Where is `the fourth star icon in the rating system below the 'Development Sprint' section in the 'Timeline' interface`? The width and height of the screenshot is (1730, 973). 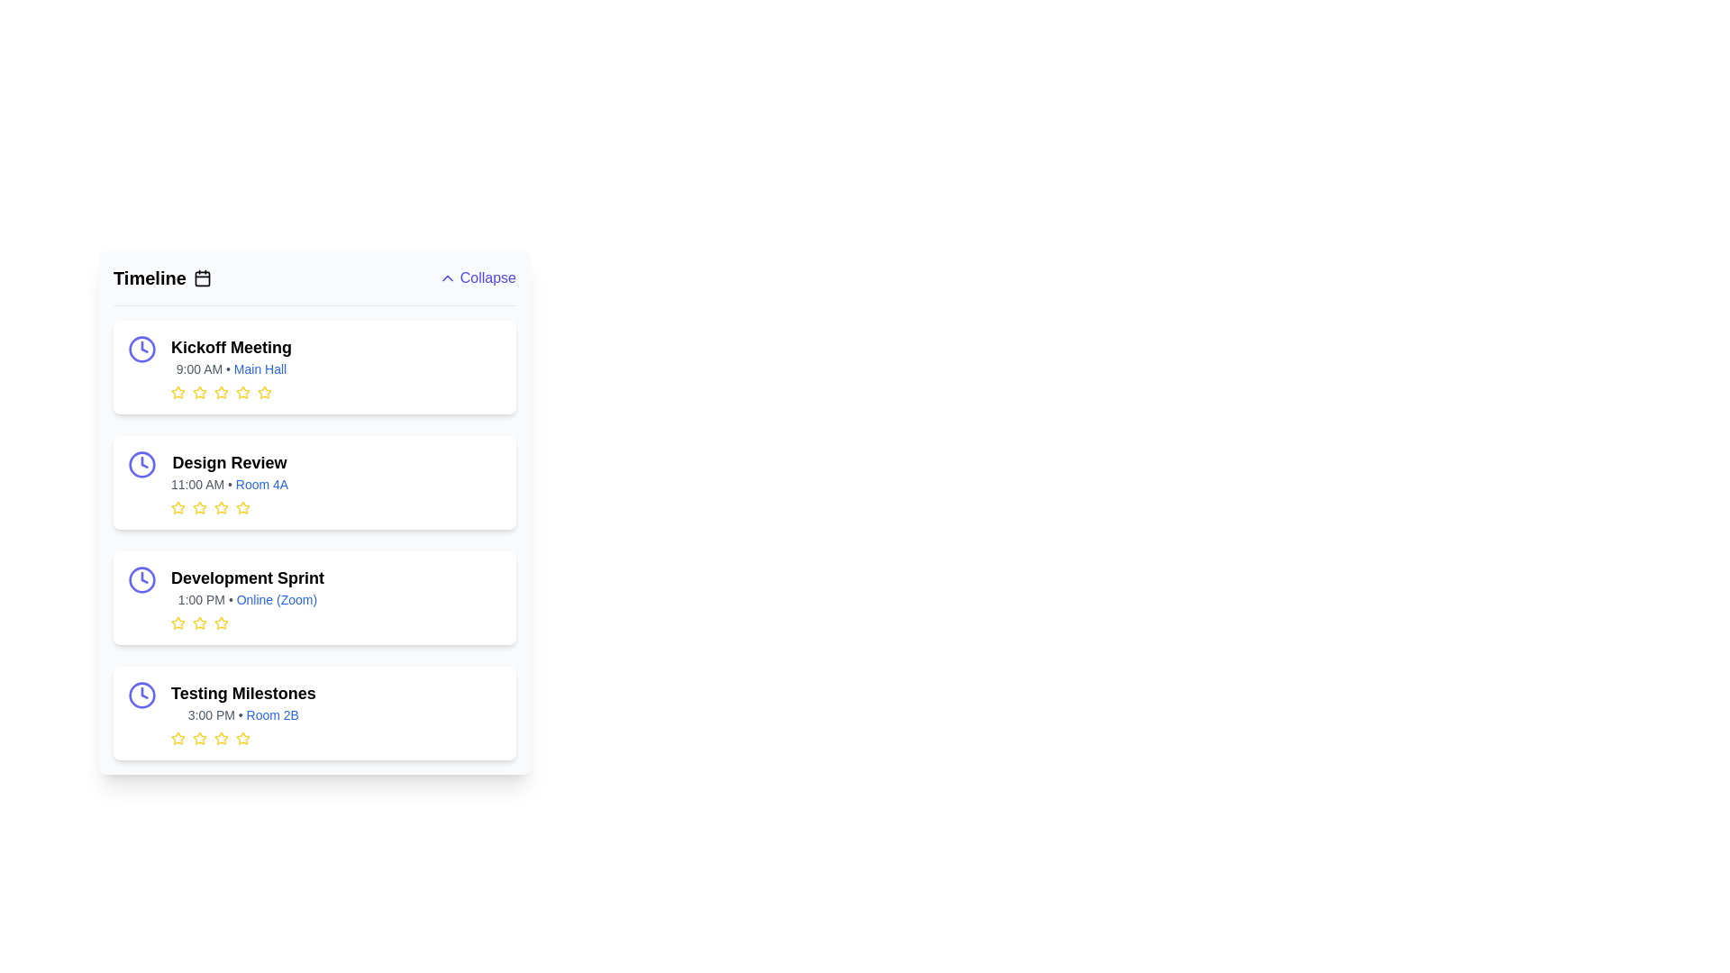 the fourth star icon in the rating system below the 'Development Sprint' section in the 'Timeline' interface is located at coordinates (220, 622).